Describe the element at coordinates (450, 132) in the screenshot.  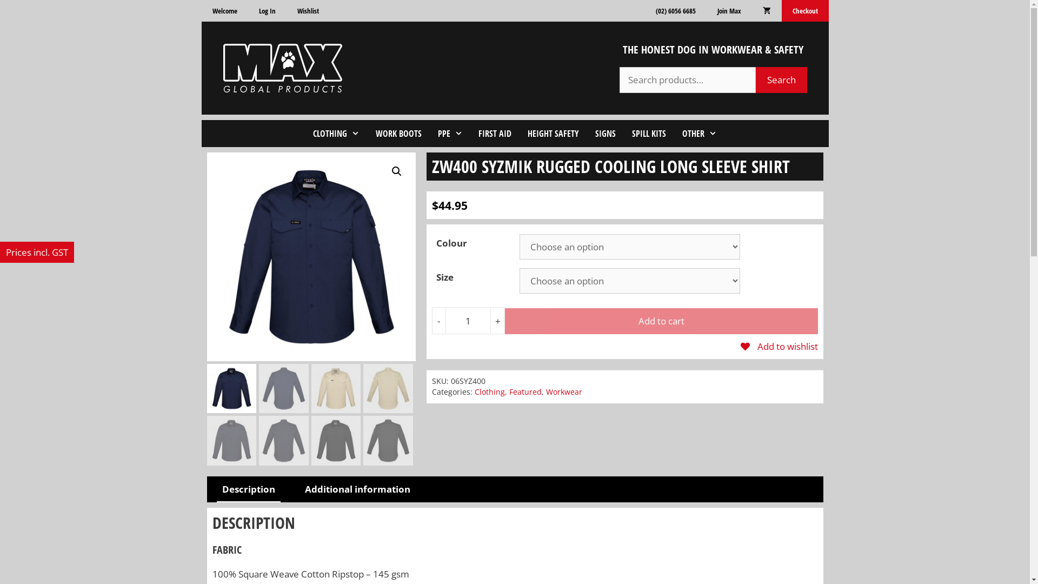
I see `'PPE'` at that location.